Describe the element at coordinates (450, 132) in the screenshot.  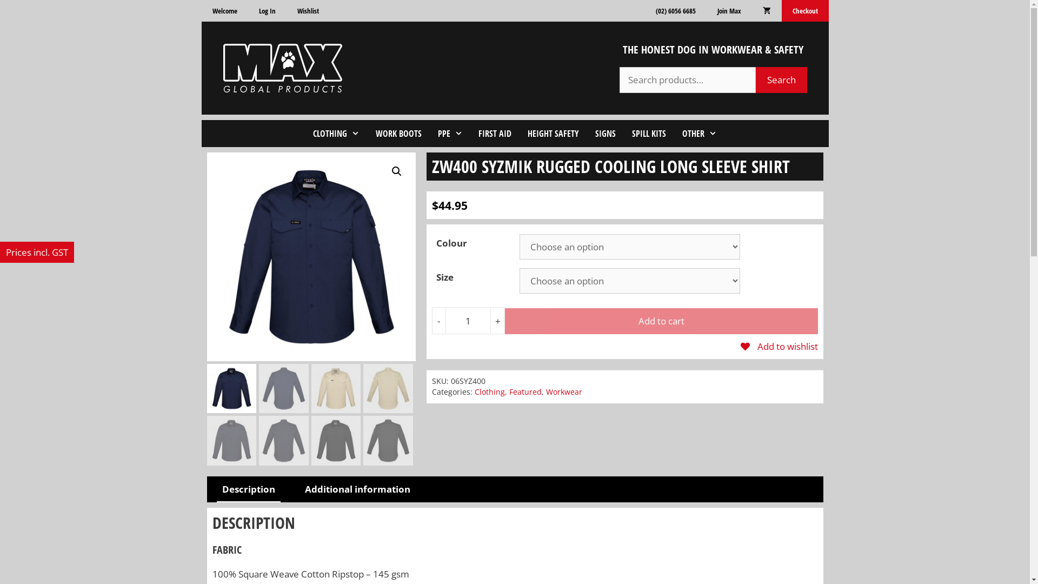
I see `'PPE'` at that location.